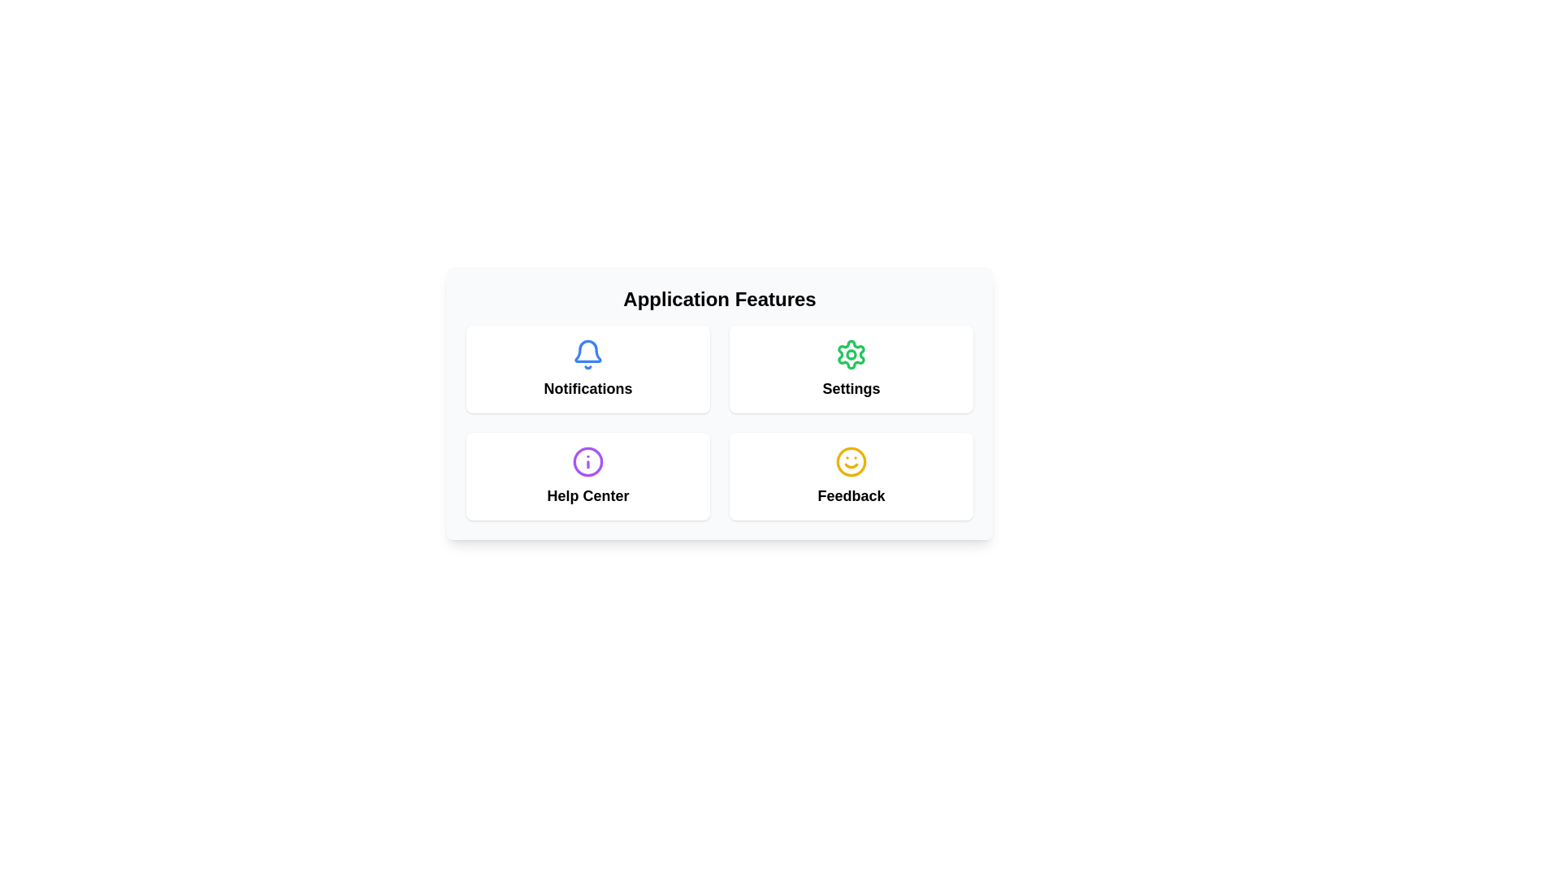 This screenshot has width=1560, height=877. Describe the element at coordinates (850, 462) in the screenshot. I see `the smiley face icon in the Feedback section, located in the bottom-right quadrant of the grid layout` at that location.